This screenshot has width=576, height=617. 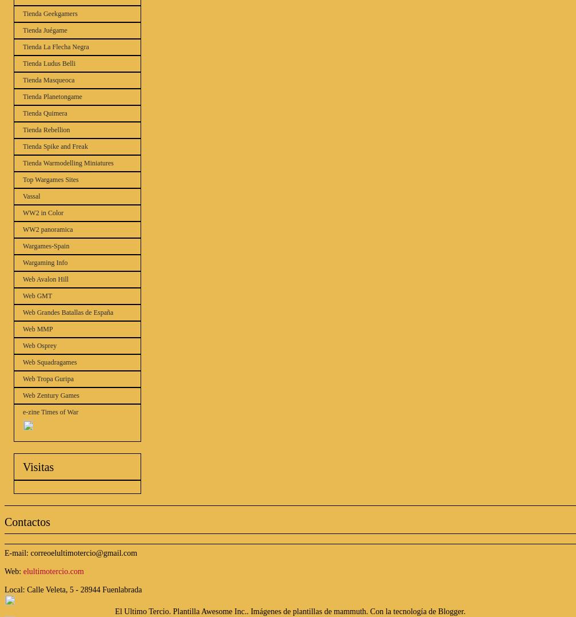 I want to click on 'Web:', so click(x=13, y=571).